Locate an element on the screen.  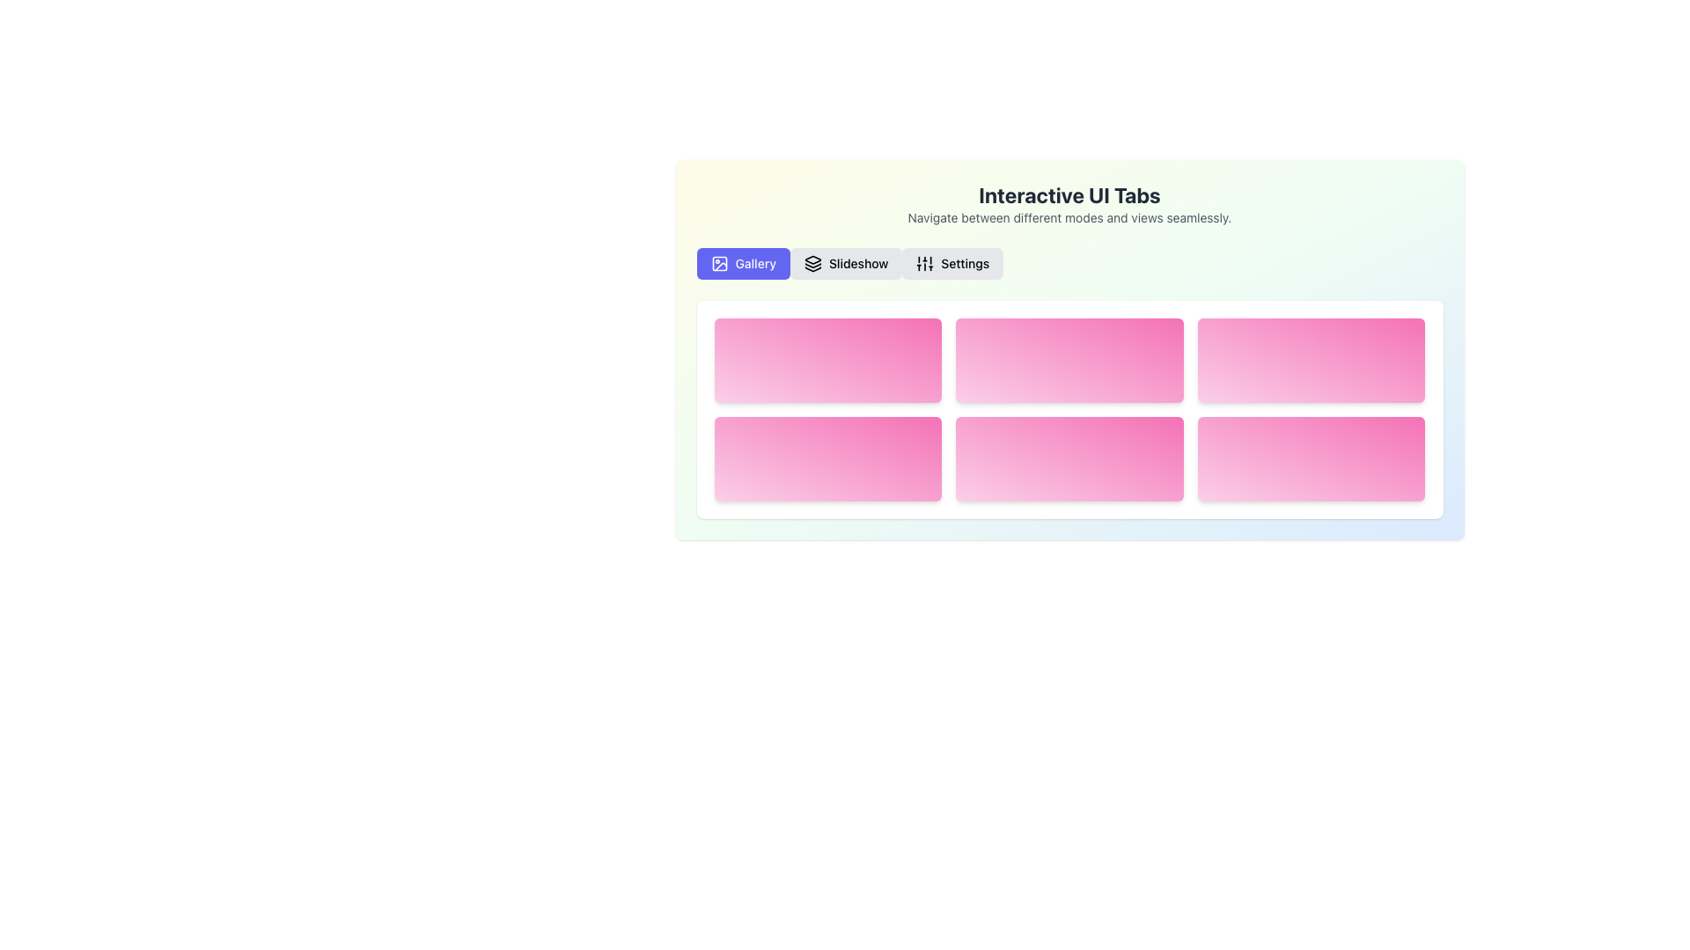
the 'Gallery' button in the top-left section of the interface is located at coordinates (743, 264).